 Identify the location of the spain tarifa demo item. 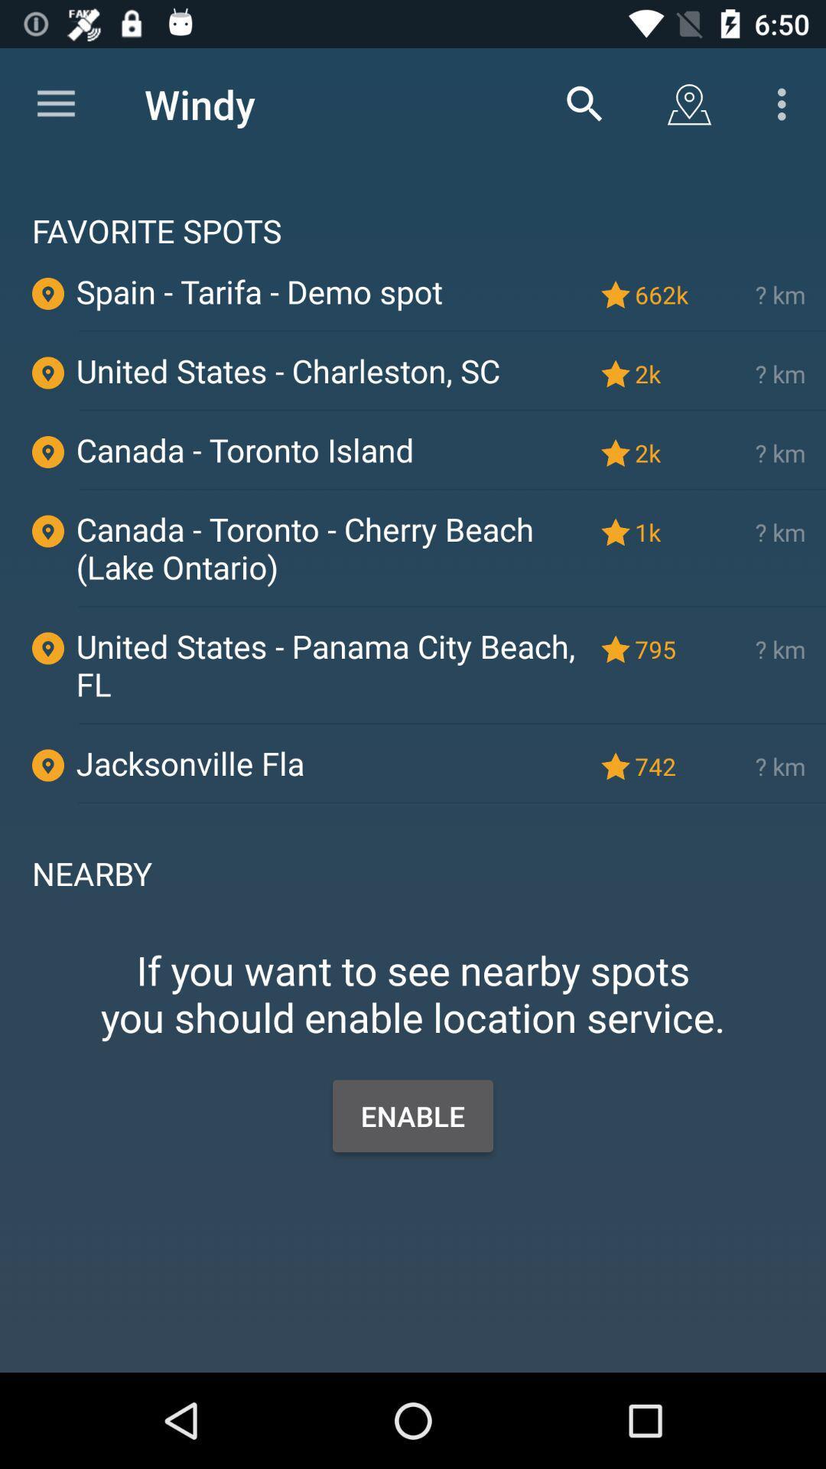
(330, 291).